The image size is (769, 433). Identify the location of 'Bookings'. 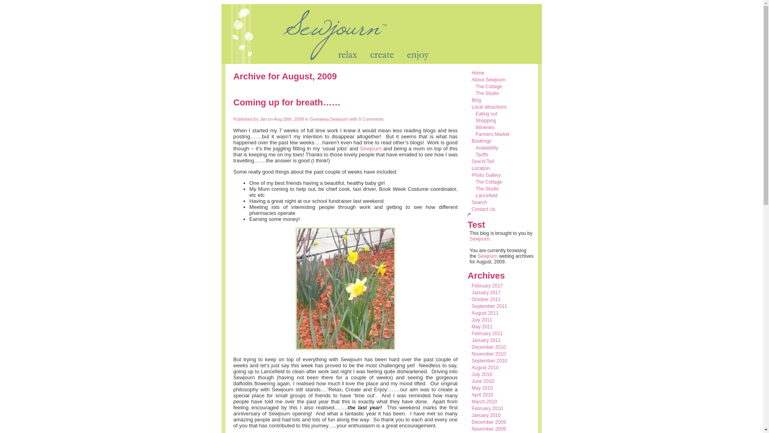
(471, 140).